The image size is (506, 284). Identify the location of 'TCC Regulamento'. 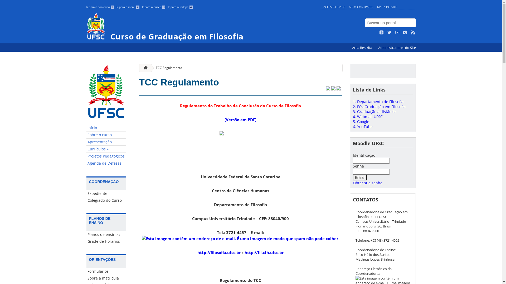
(167, 68).